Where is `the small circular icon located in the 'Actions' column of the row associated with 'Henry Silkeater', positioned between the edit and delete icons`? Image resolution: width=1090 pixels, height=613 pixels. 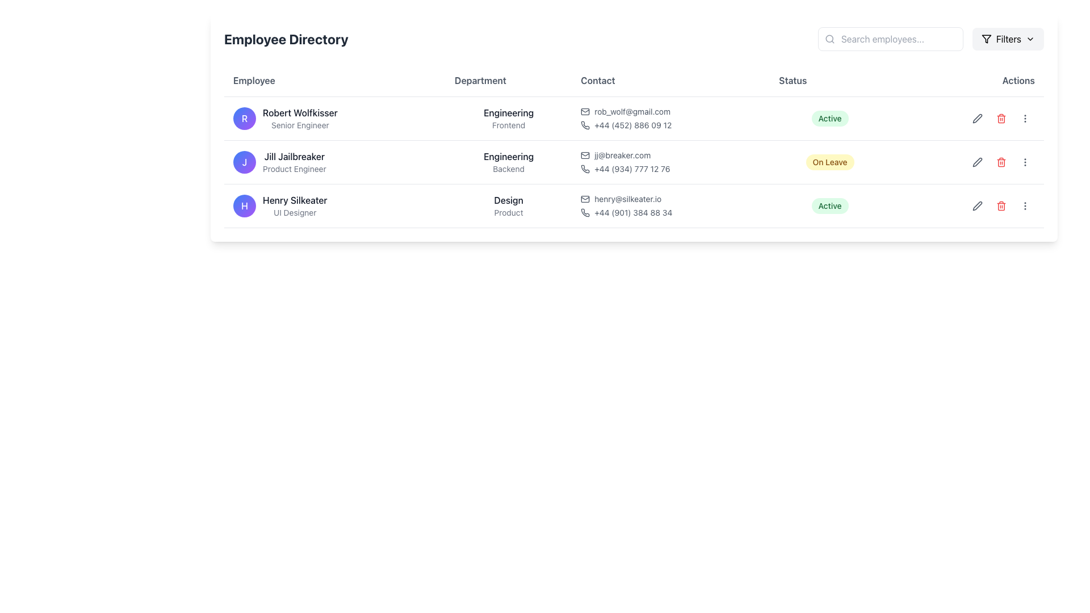 the small circular icon located in the 'Actions' column of the row associated with 'Henry Silkeater', positioned between the edit and delete icons is located at coordinates (966, 205).